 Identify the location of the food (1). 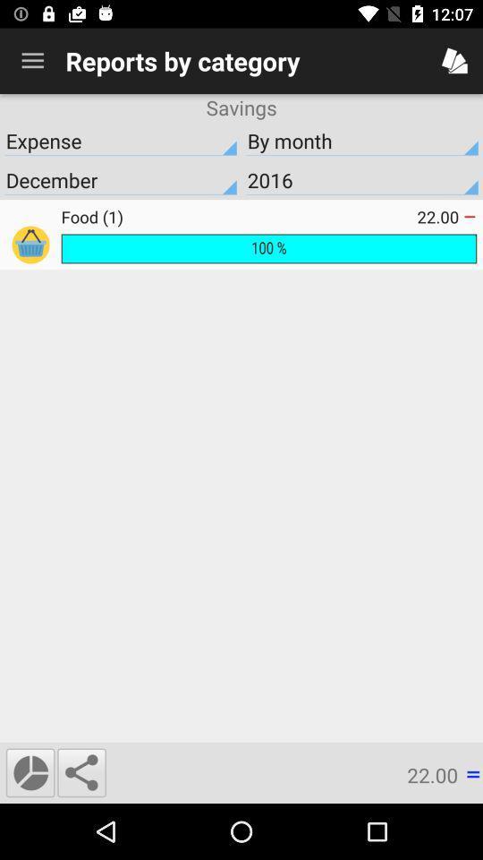
(239, 216).